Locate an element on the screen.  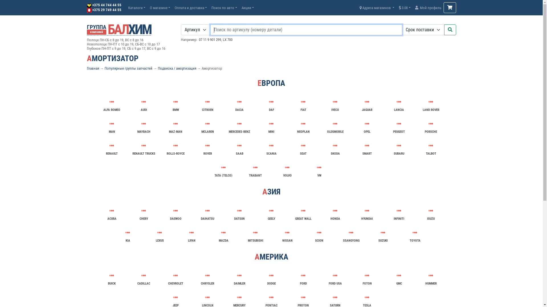
'JAGUAR' is located at coordinates (367, 104).